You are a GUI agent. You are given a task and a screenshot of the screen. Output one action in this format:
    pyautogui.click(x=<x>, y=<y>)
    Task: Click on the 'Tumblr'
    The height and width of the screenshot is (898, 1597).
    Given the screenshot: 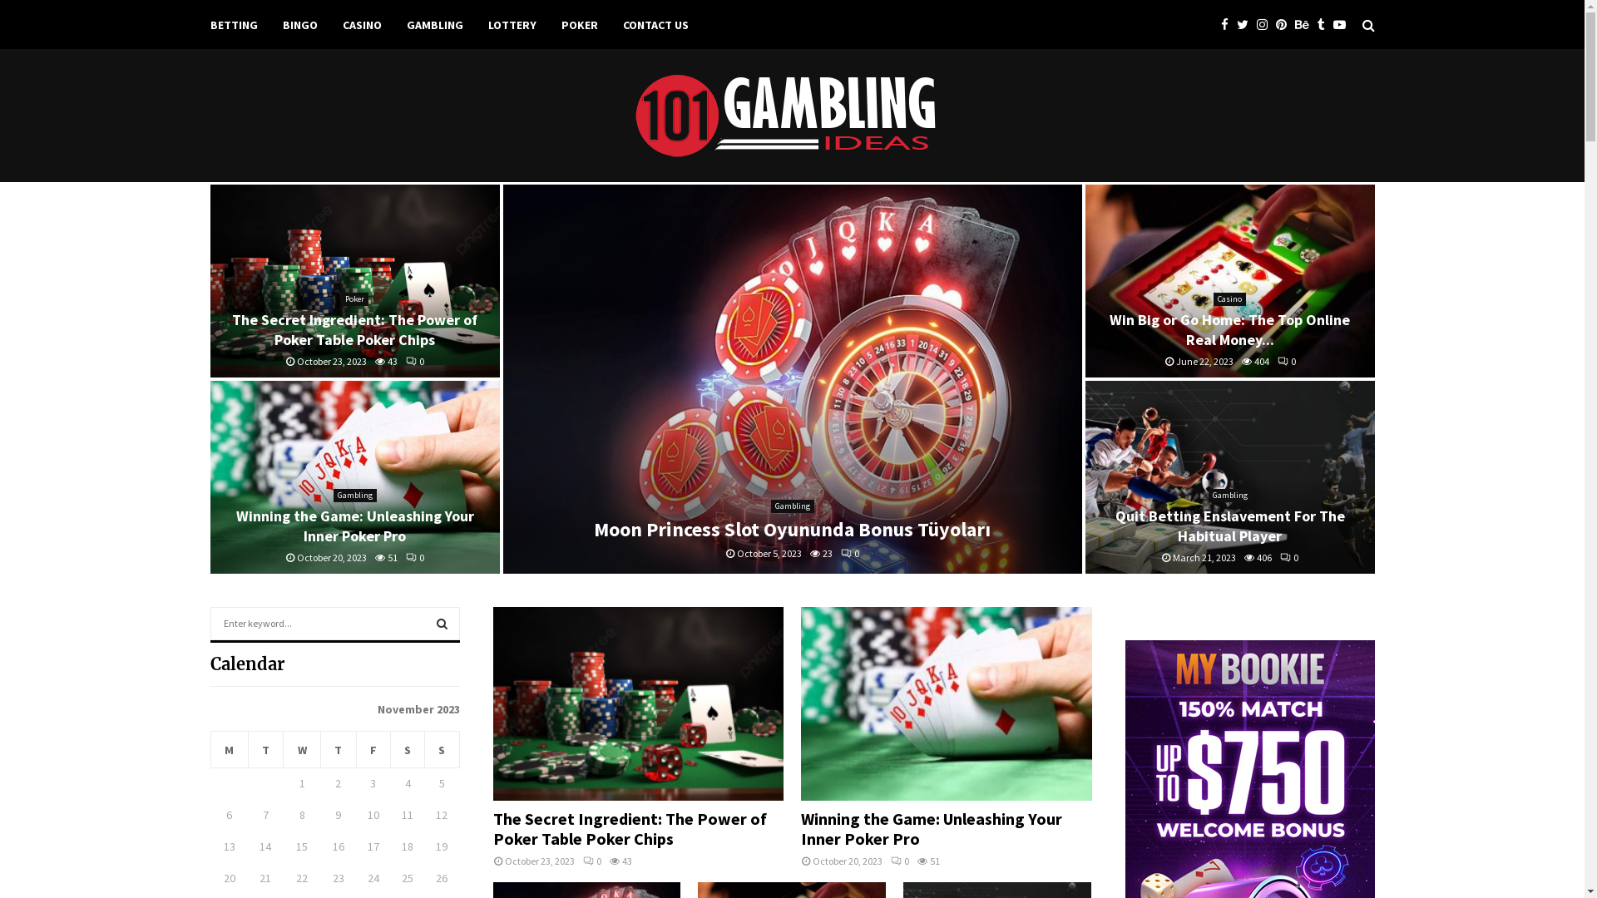 What is the action you would take?
    pyautogui.click(x=1317, y=25)
    